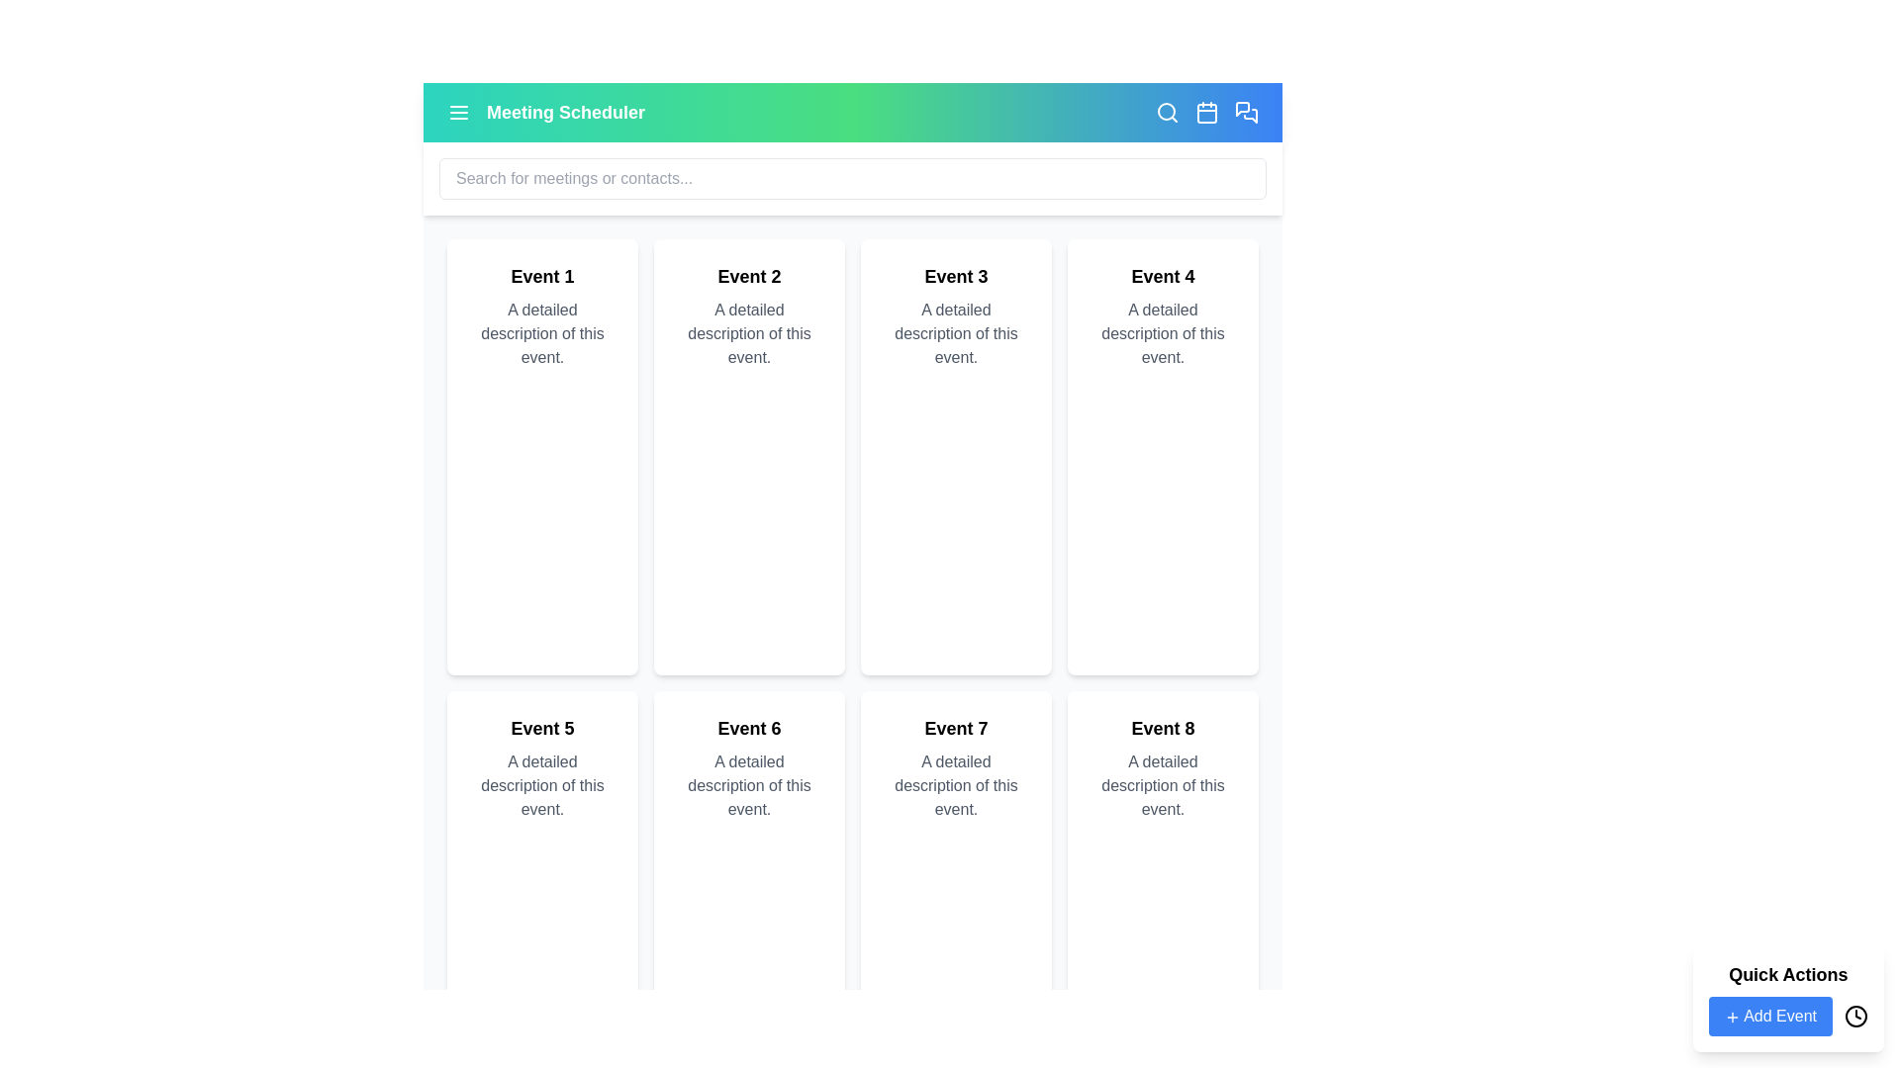 The width and height of the screenshot is (1900, 1068). I want to click on the messaging icon button located as the third item from the right in the navigation bar at the top of the page, so click(1245, 113).